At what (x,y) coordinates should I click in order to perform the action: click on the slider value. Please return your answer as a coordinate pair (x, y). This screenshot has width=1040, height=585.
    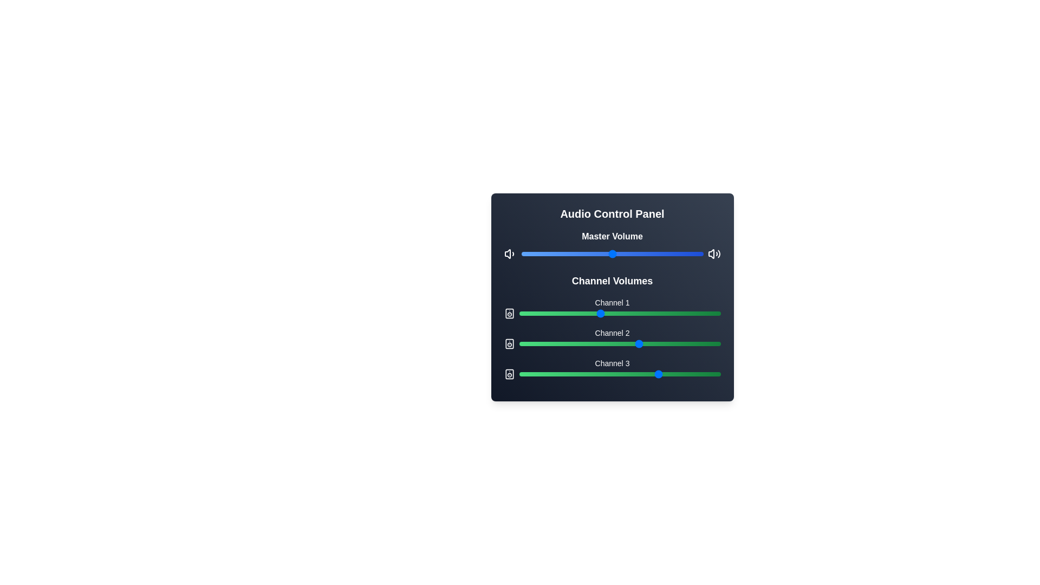
    Looking at the image, I should click on (675, 373).